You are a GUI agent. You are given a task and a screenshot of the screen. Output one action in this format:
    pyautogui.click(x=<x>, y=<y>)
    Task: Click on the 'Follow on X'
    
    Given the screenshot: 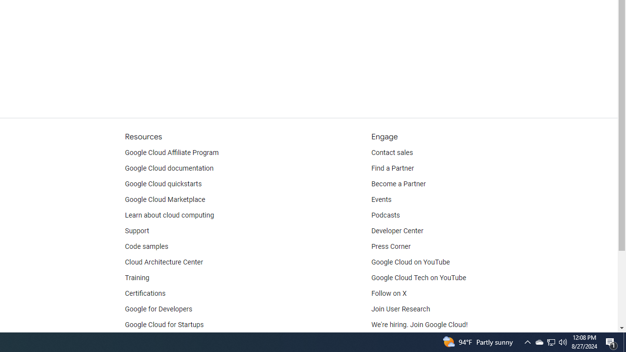 What is the action you would take?
    pyautogui.click(x=388, y=293)
    